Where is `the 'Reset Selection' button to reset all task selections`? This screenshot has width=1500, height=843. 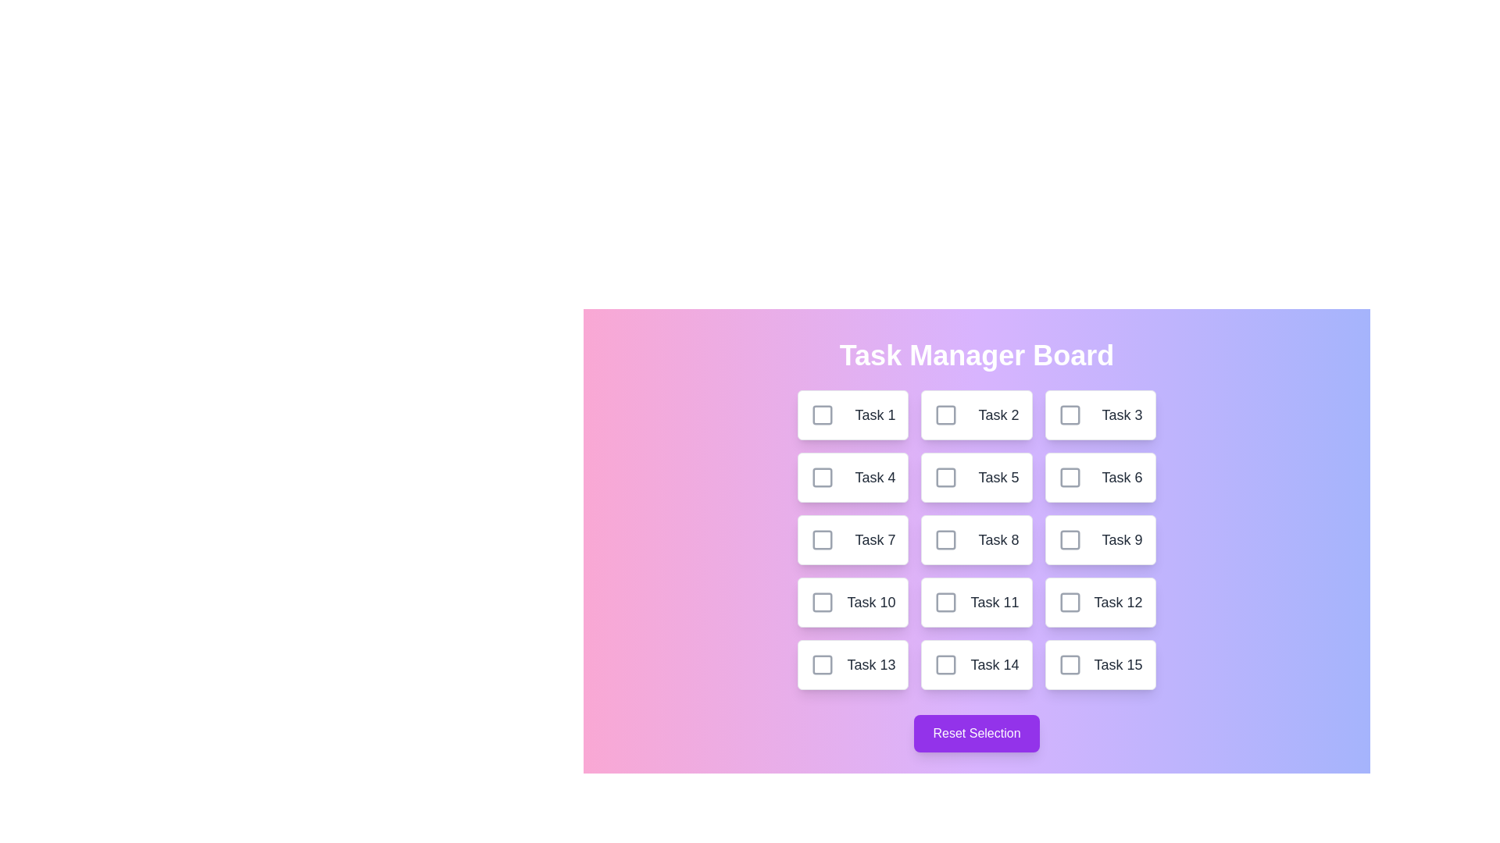 the 'Reset Selection' button to reset all task selections is located at coordinates (976, 734).